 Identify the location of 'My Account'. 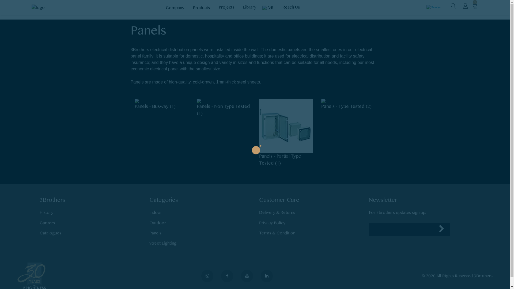
(465, 6).